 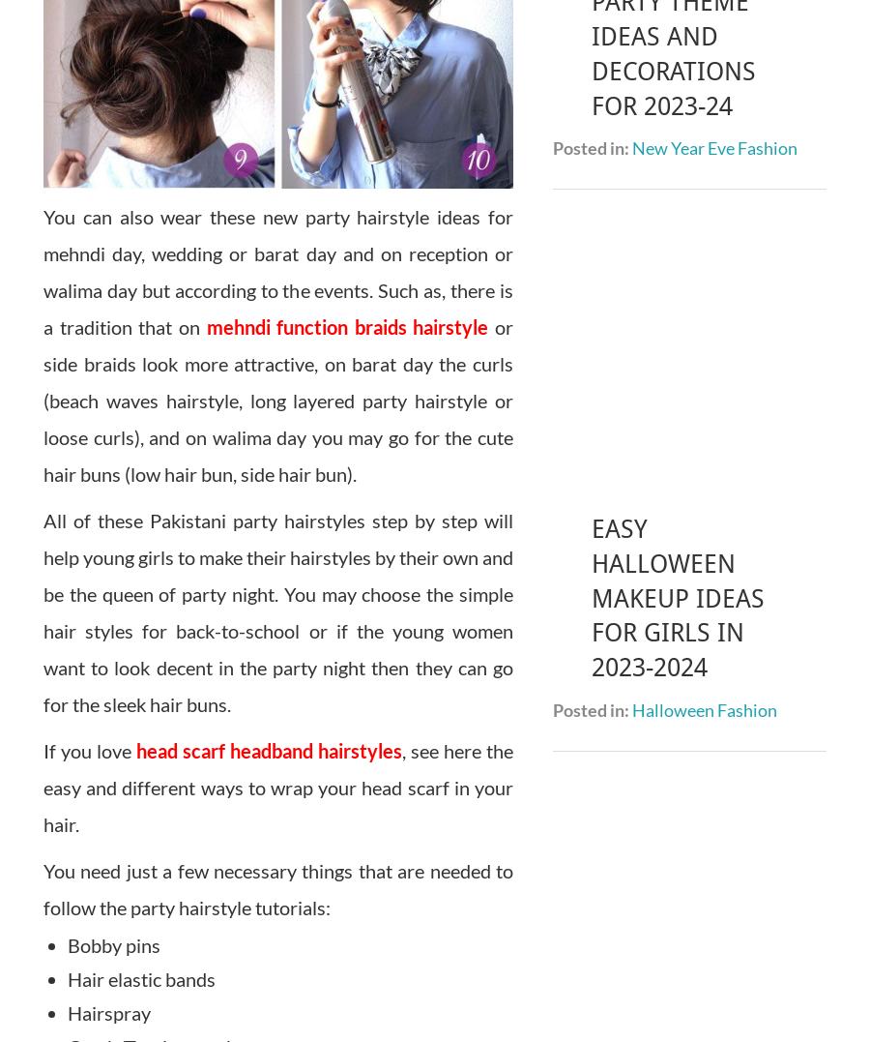 I want to click on 'Hairspray', so click(x=109, y=1012).